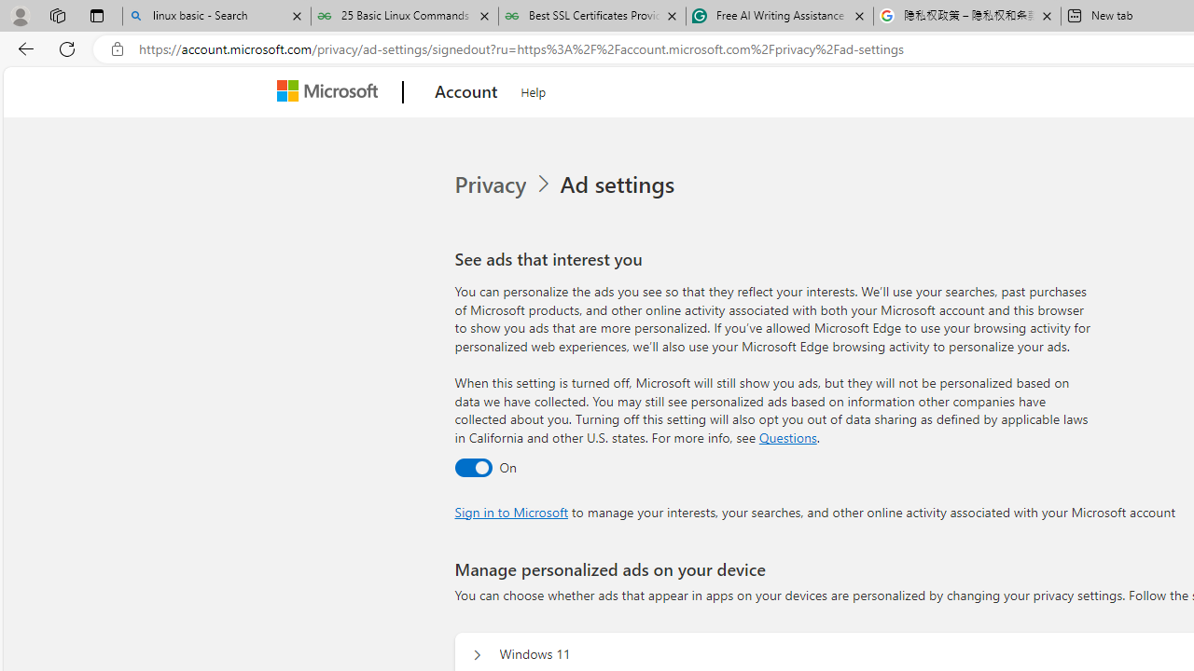 This screenshot has width=1194, height=671. What do you see at coordinates (511, 512) in the screenshot?
I see `'Sign in to Microsoft'` at bounding box center [511, 512].